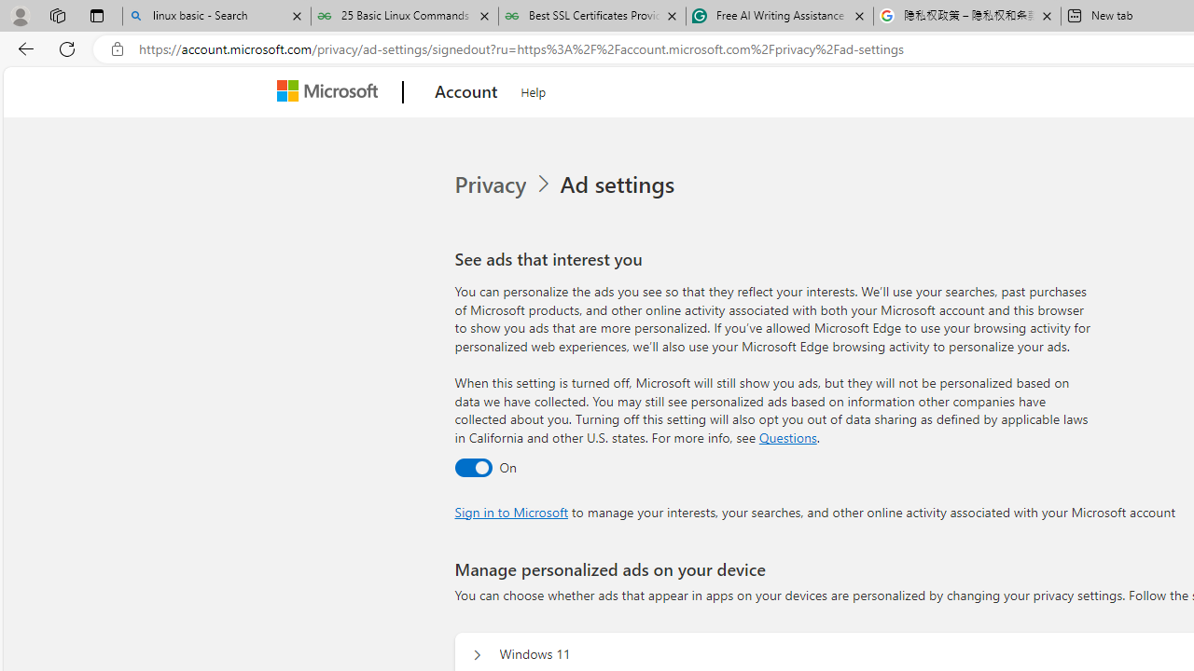 This screenshot has width=1194, height=671. What do you see at coordinates (511, 512) in the screenshot?
I see `'Sign in to Microsoft'` at bounding box center [511, 512].